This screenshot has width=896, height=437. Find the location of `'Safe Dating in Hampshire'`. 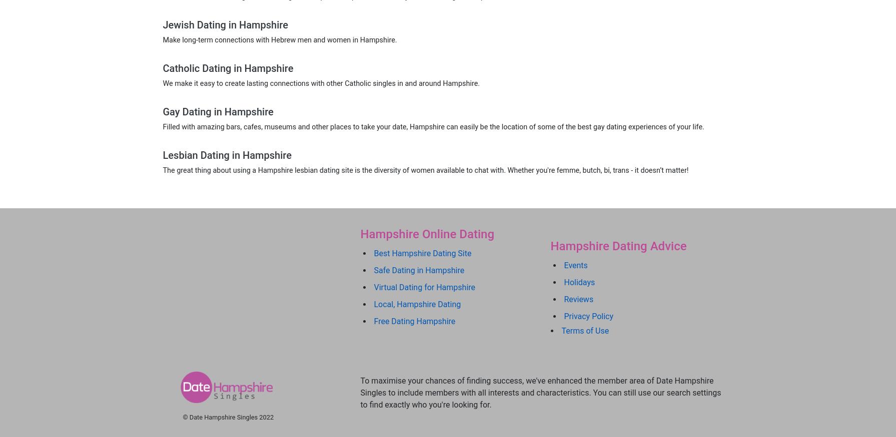

'Safe Dating in Hampshire' is located at coordinates (374, 270).